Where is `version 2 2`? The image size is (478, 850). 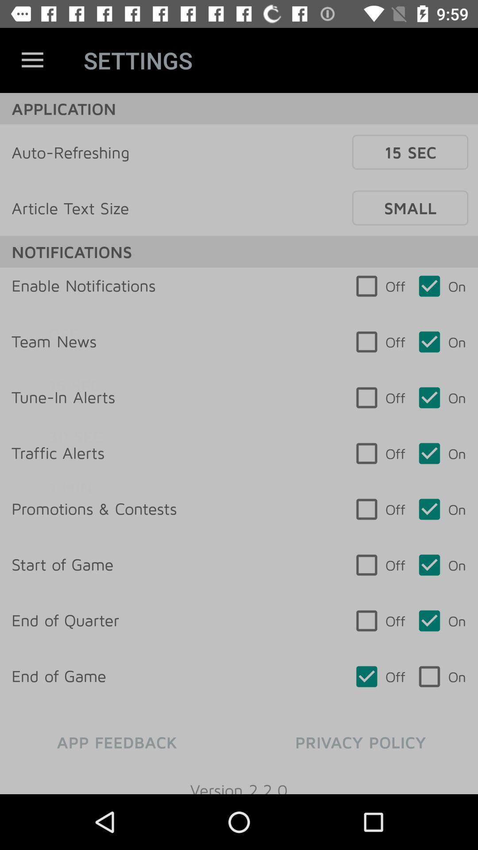 version 2 2 is located at coordinates (239, 781).